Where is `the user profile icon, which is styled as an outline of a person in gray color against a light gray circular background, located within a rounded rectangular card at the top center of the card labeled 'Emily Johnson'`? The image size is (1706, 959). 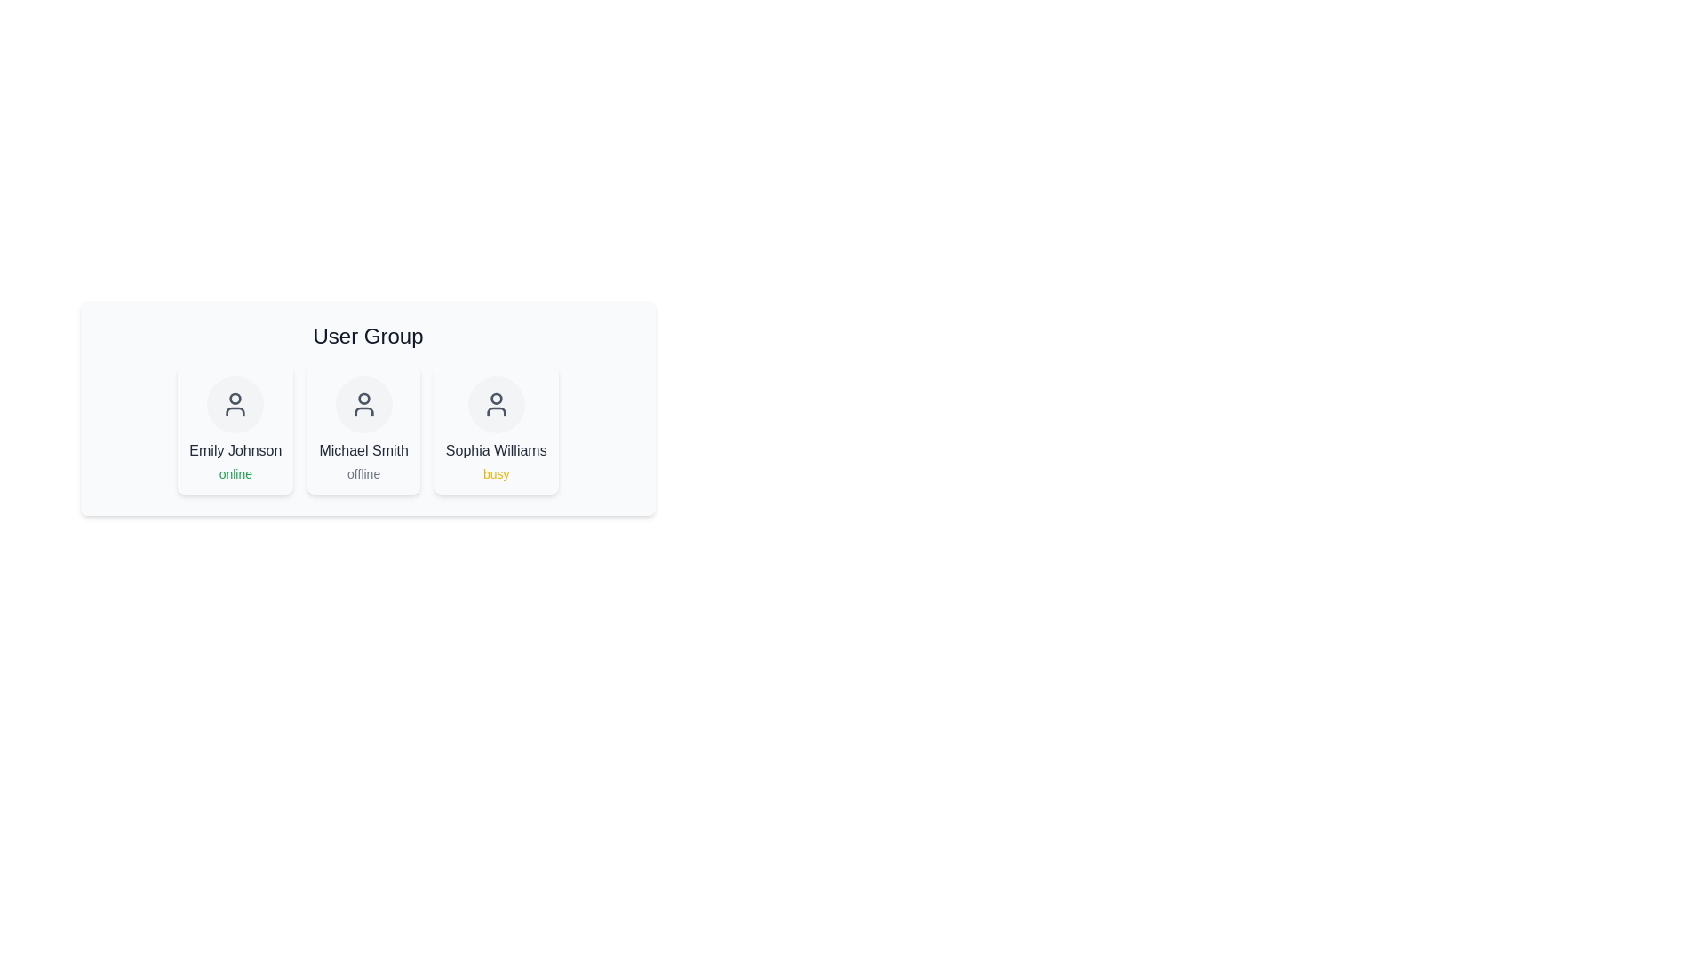 the user profile icon, which is styled as an outline of a person in gray color against a light gray circular background, located within a rounded rectangular card at the top center of the card labeled 'Emily Johnson' is located at coordinates (235, 404).